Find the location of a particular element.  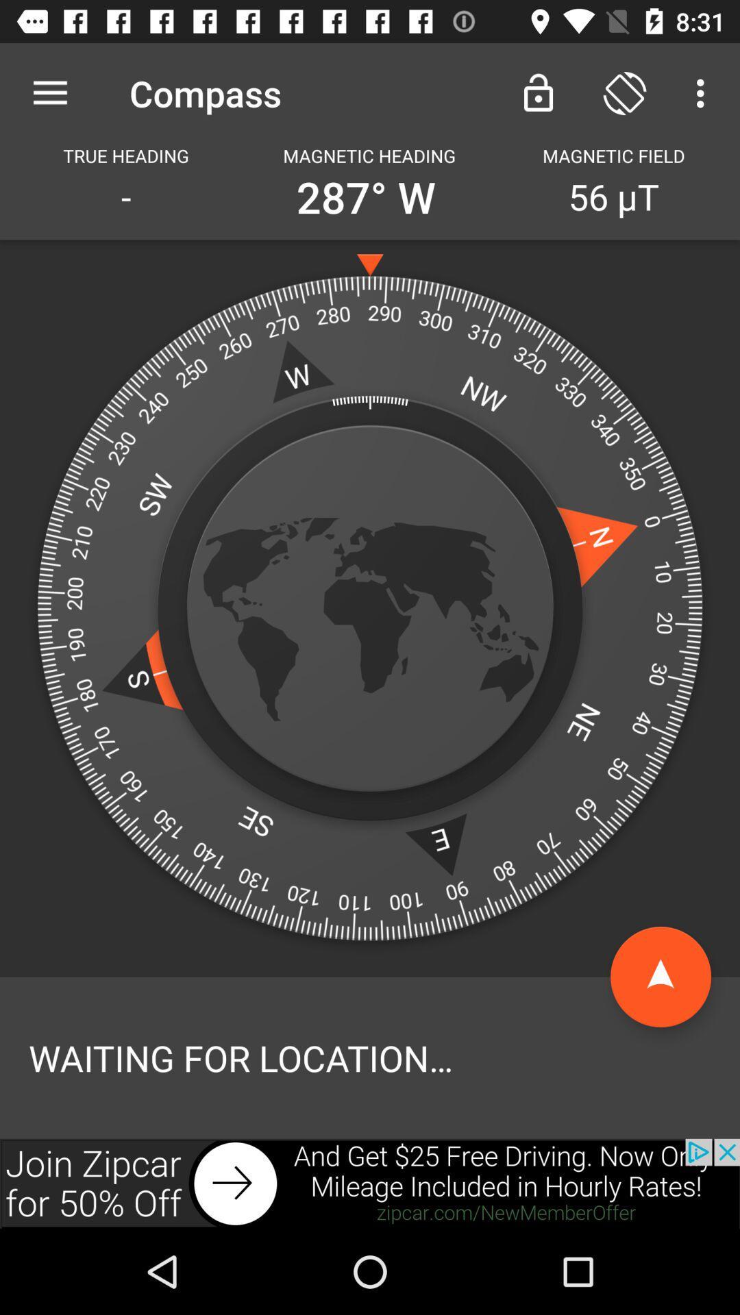

next is located at coordinates (370, 1183).